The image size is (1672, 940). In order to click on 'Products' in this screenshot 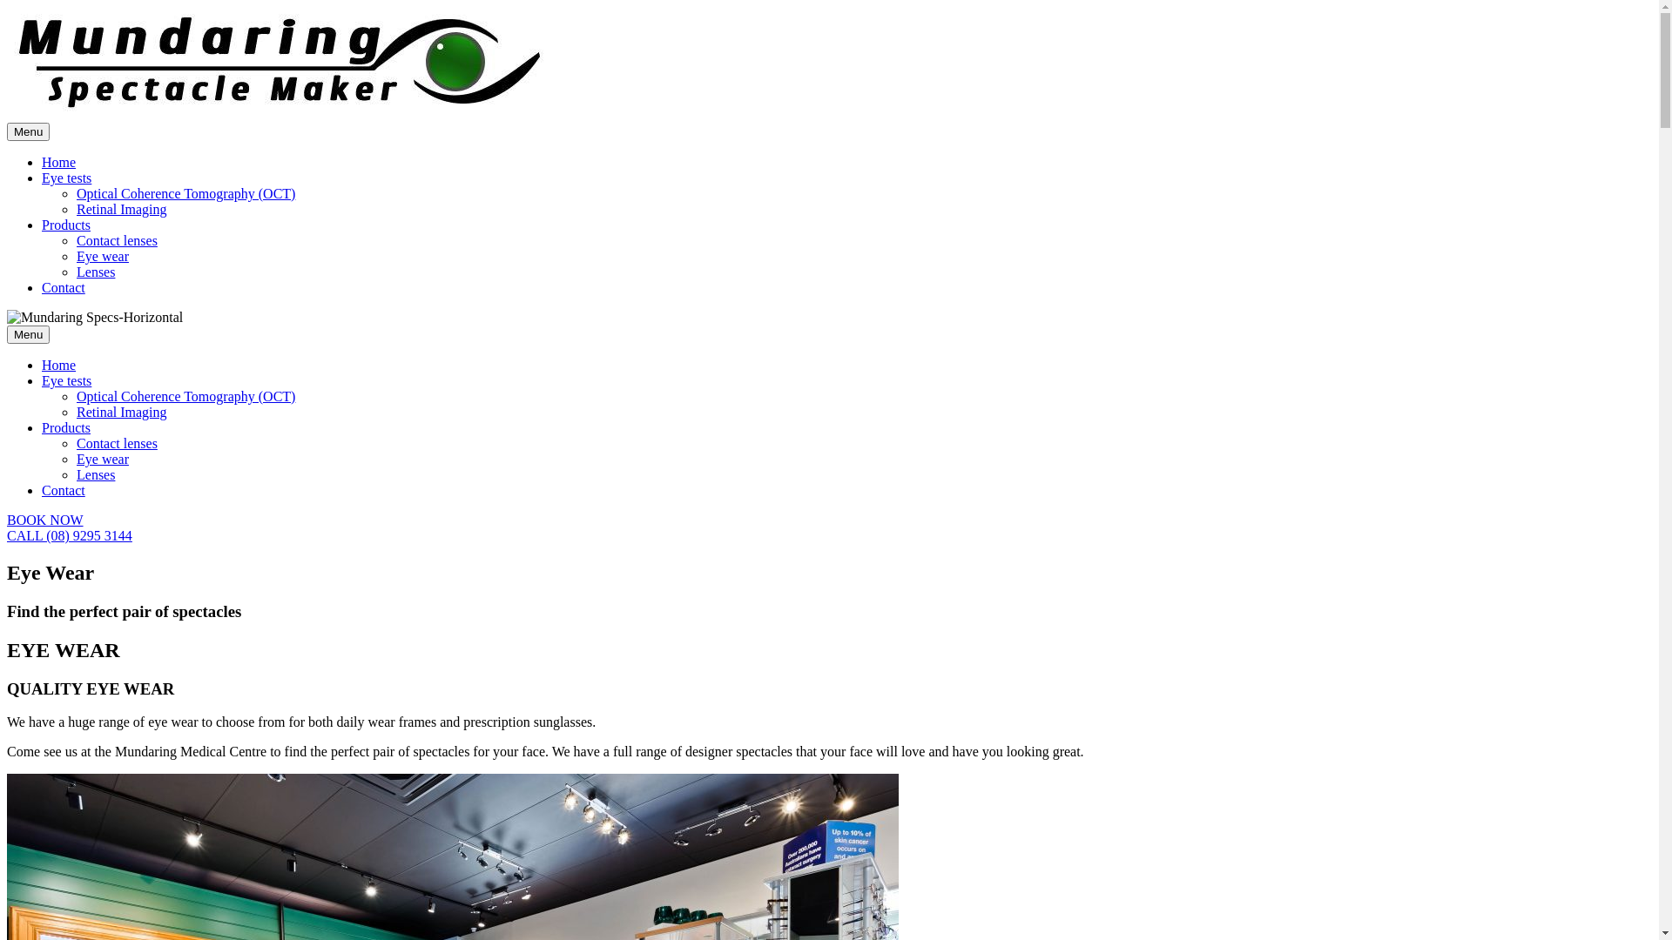, I will do `click(66, 427)`.